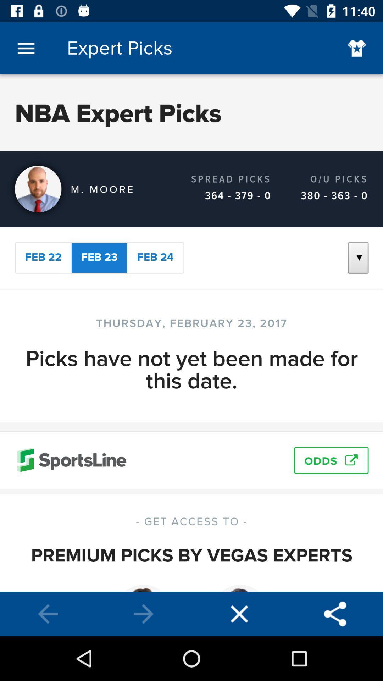 The image size is (383, 681). Describe the element at coordinates (48, 614) in the screenshot. I see `back option` at that location.